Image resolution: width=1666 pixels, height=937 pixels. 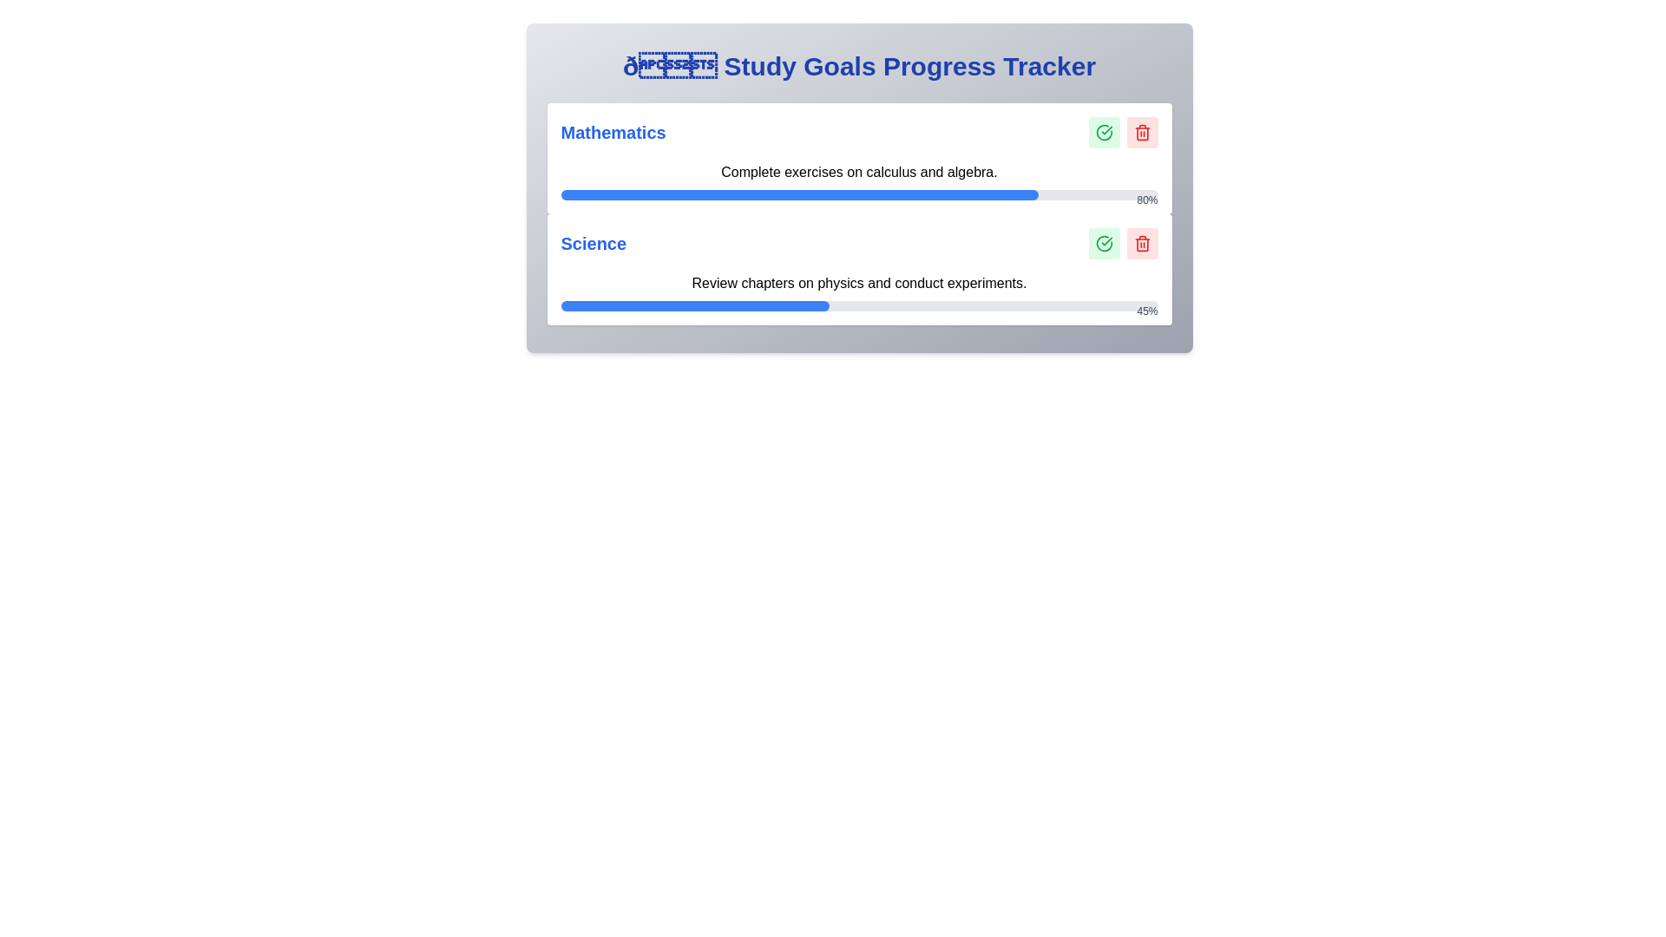 What do you see at coordinates (1147, 200) in the screenshot?
I see `the static display text showing '80%' in gray font, located above the right end of the blue progress bar` at bounding box center [1147, 200].